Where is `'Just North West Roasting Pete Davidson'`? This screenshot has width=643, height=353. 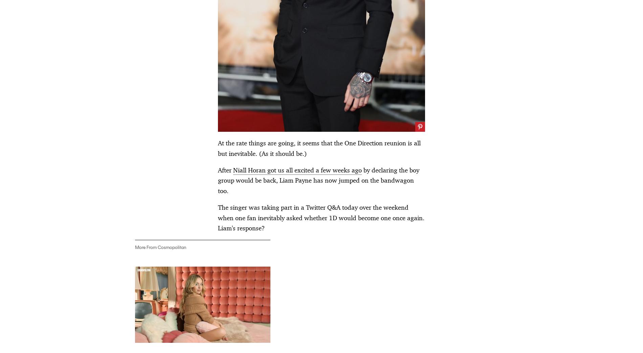 'Just North West Roasting Pete Davidson' is located at coordinates (429, 133).